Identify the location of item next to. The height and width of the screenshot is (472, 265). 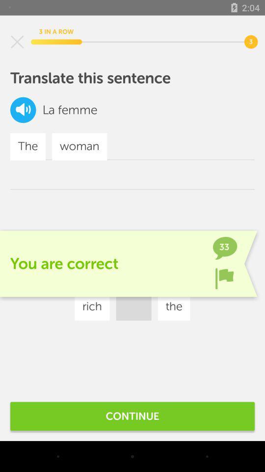
(48, 110).